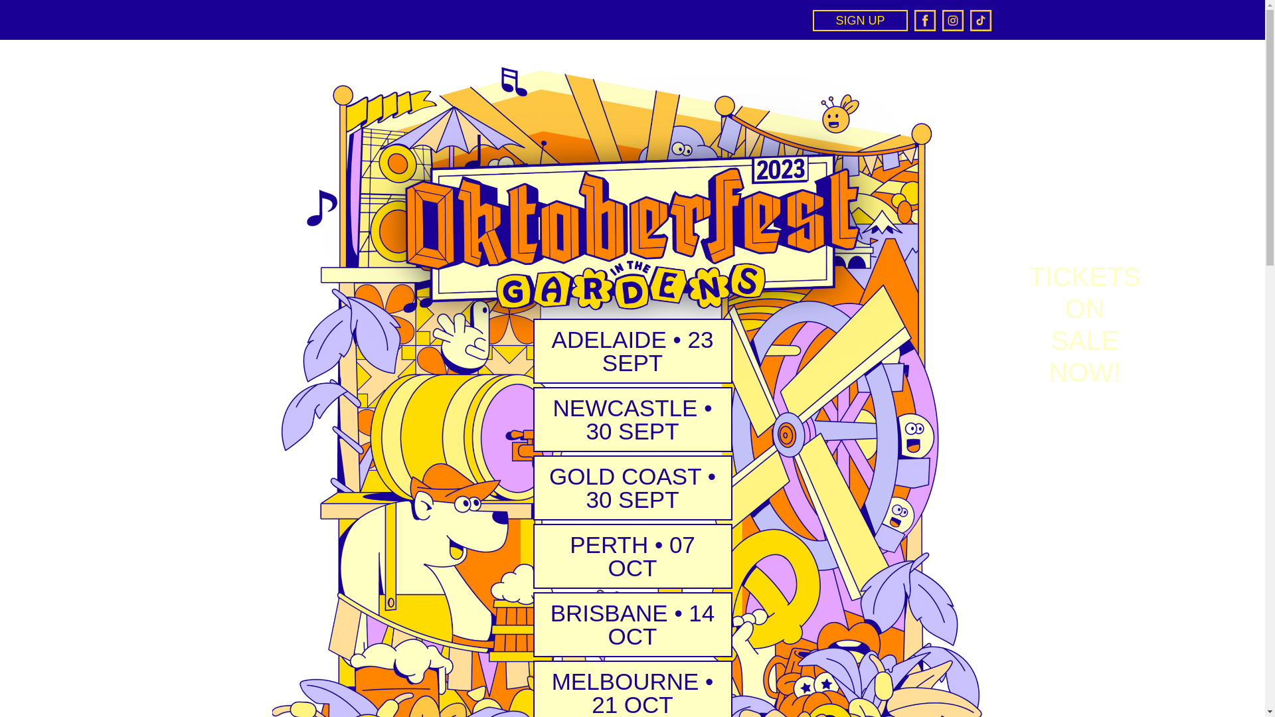  I want to click on 'Facebook', so click(913, 20).